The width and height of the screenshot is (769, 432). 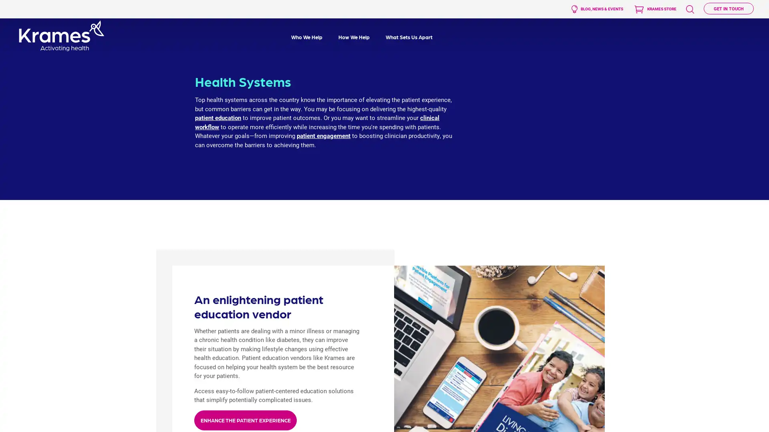 What do you see at coordinates (343, 348) in the screenshot?
I see `Submit` at bounding box center [343, 348].